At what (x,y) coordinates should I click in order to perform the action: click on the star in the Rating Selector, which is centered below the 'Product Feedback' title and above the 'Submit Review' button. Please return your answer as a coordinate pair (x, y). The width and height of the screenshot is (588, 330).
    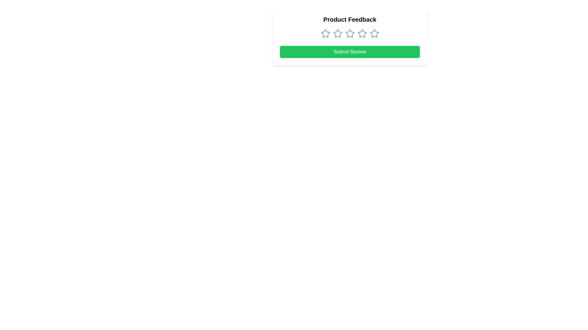
    Looking at the image, I should click on (350, 34).